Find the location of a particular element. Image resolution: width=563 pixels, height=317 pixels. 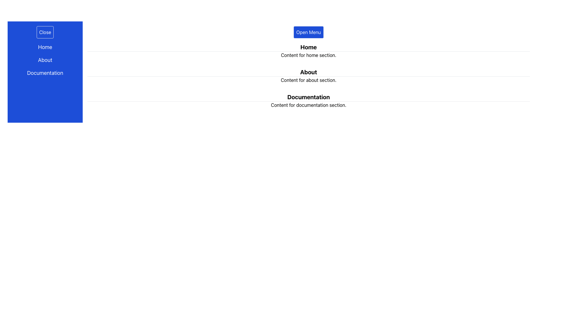

the topmost 'Home' text element in the vertical navigation menu is located at coordinates (45, 47).